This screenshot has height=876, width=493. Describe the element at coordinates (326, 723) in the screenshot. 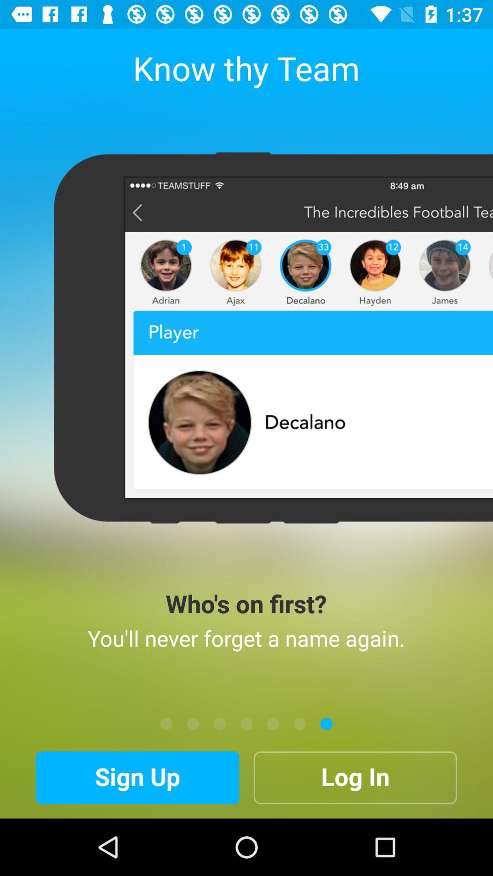

I see `icon below the you ll never item` at that location.